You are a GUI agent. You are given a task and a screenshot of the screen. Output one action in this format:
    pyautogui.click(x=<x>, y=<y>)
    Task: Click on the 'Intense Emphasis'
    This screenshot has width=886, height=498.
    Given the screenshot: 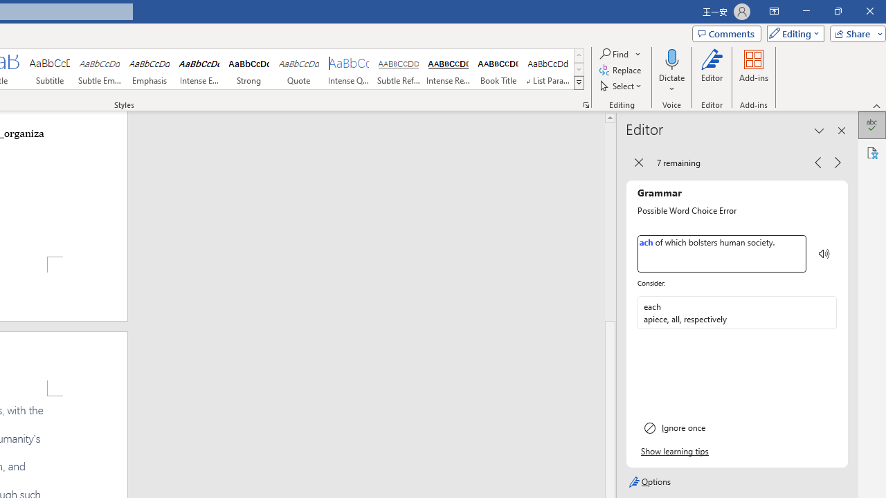 What is the action you would take?
    pyautogui.click(x=199, y=69)
    